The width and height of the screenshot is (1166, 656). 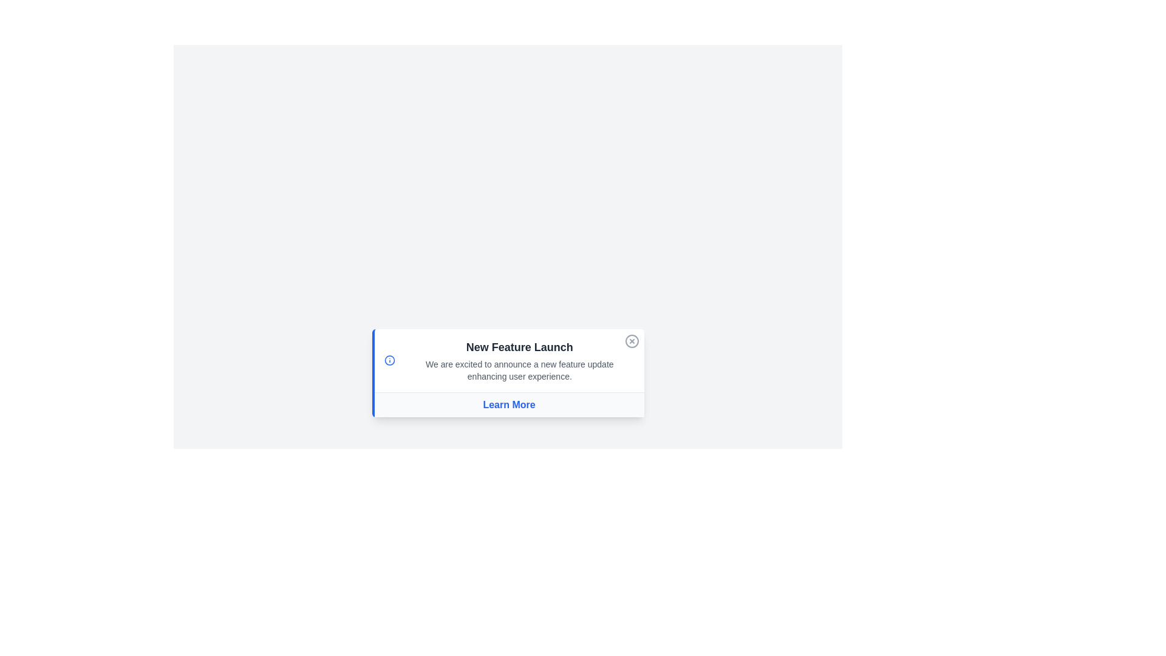 What do you see at coordinates (509, 405) in the screenshot?
I see `the 'Learn More' button` at bounding box center [509, 405].